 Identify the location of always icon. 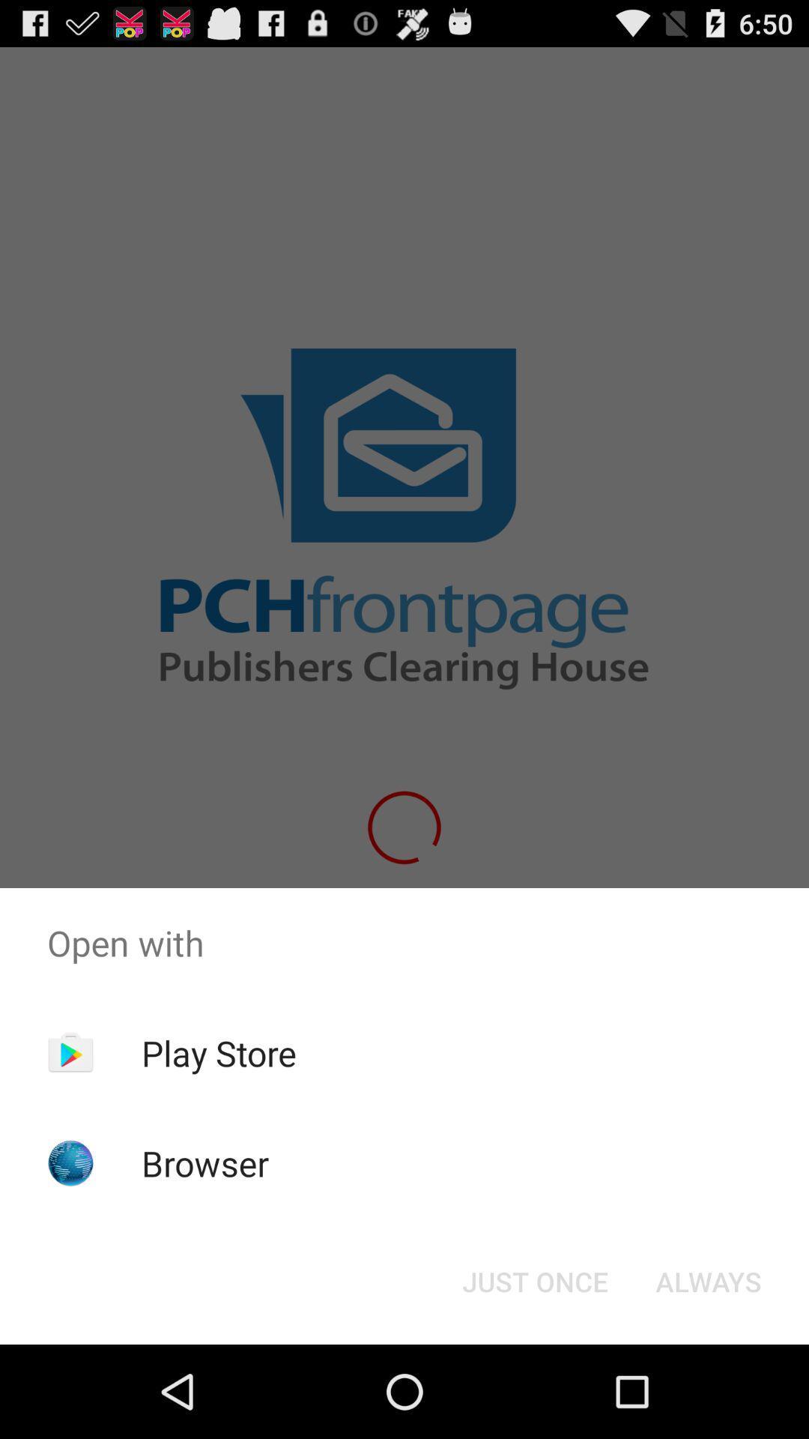
(708, 1280).